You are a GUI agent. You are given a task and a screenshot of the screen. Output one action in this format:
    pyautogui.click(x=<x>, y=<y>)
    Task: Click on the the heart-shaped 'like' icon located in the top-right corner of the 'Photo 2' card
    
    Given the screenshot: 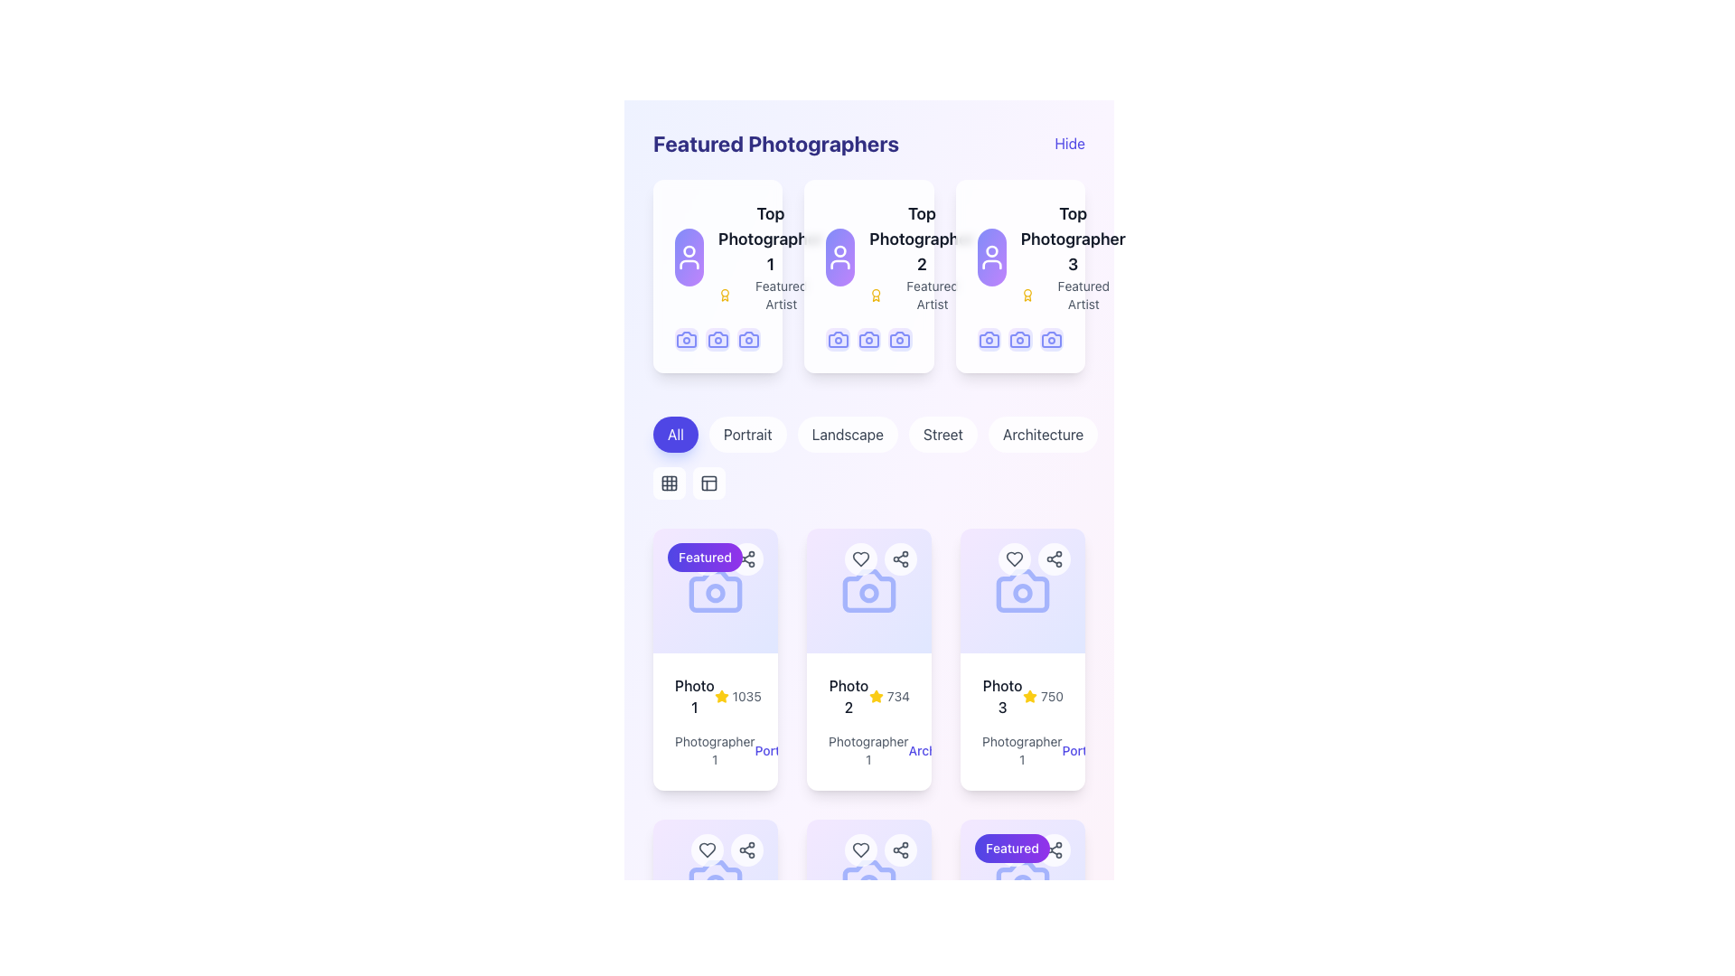 What is the action you would take?
    pyautogui.click(x=860, y=850)
    